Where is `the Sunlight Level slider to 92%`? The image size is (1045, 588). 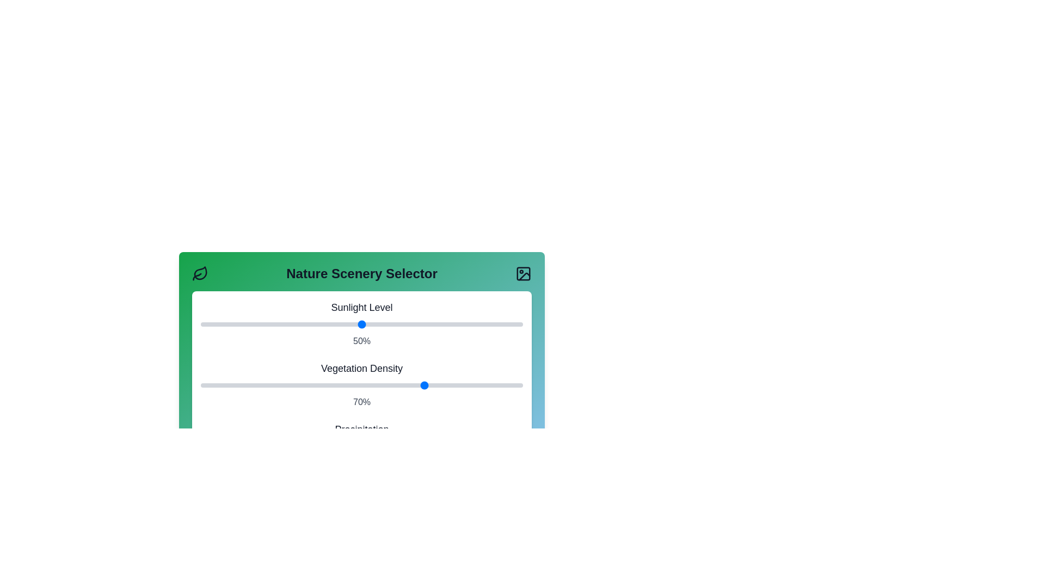
the Sunlight Level slider to 92% is located at coordinates (496, 324).